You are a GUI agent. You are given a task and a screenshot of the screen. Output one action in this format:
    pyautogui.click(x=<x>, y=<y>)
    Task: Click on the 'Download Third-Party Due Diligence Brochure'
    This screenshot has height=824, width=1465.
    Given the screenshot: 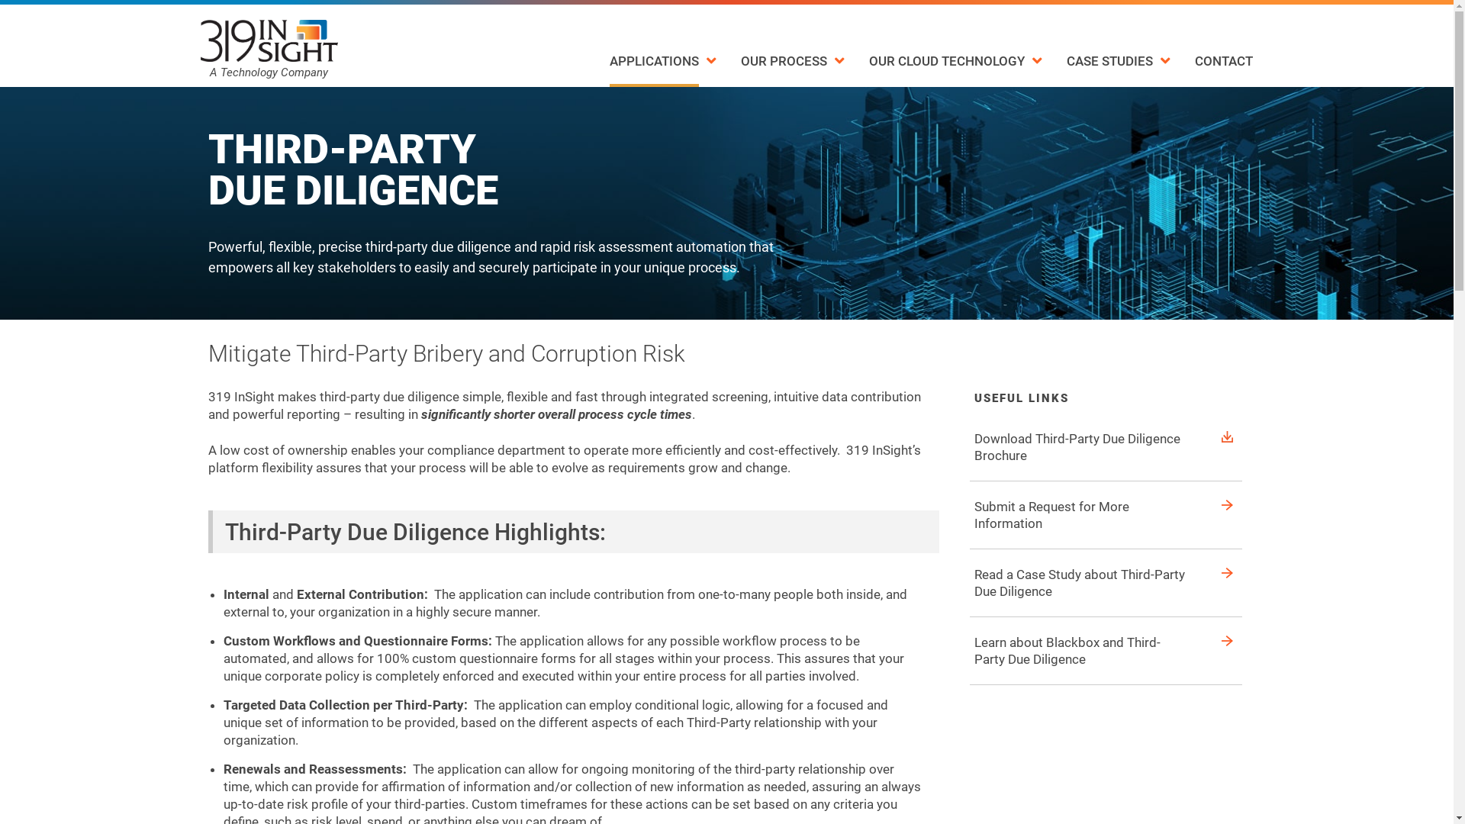 What is the action you would take?
    pyautogui.click(x=1076, y=446)
    